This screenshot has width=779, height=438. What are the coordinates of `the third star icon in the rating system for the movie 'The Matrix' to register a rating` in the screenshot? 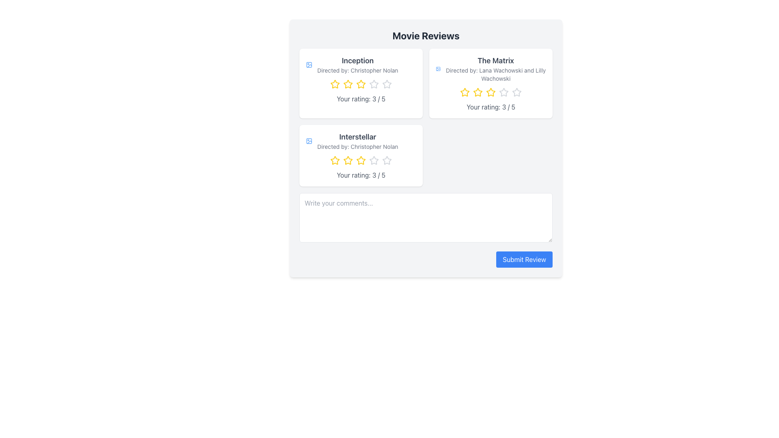 It's located at (490, 92).